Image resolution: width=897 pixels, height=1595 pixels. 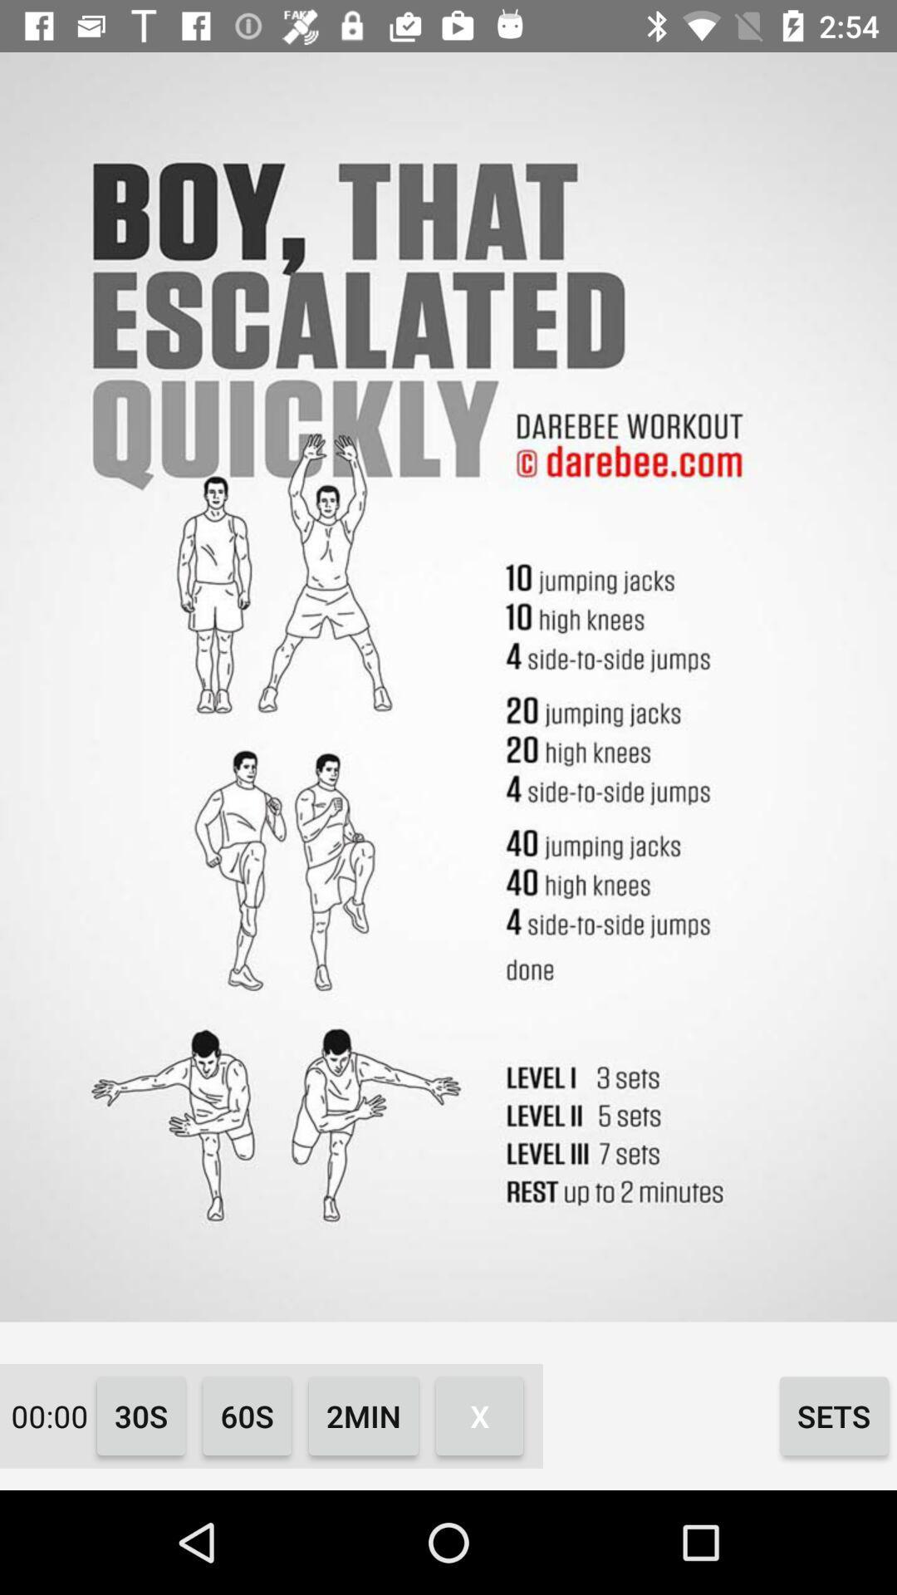 I want to click on icon next to 60s icon, so click(x=140, y=1415).